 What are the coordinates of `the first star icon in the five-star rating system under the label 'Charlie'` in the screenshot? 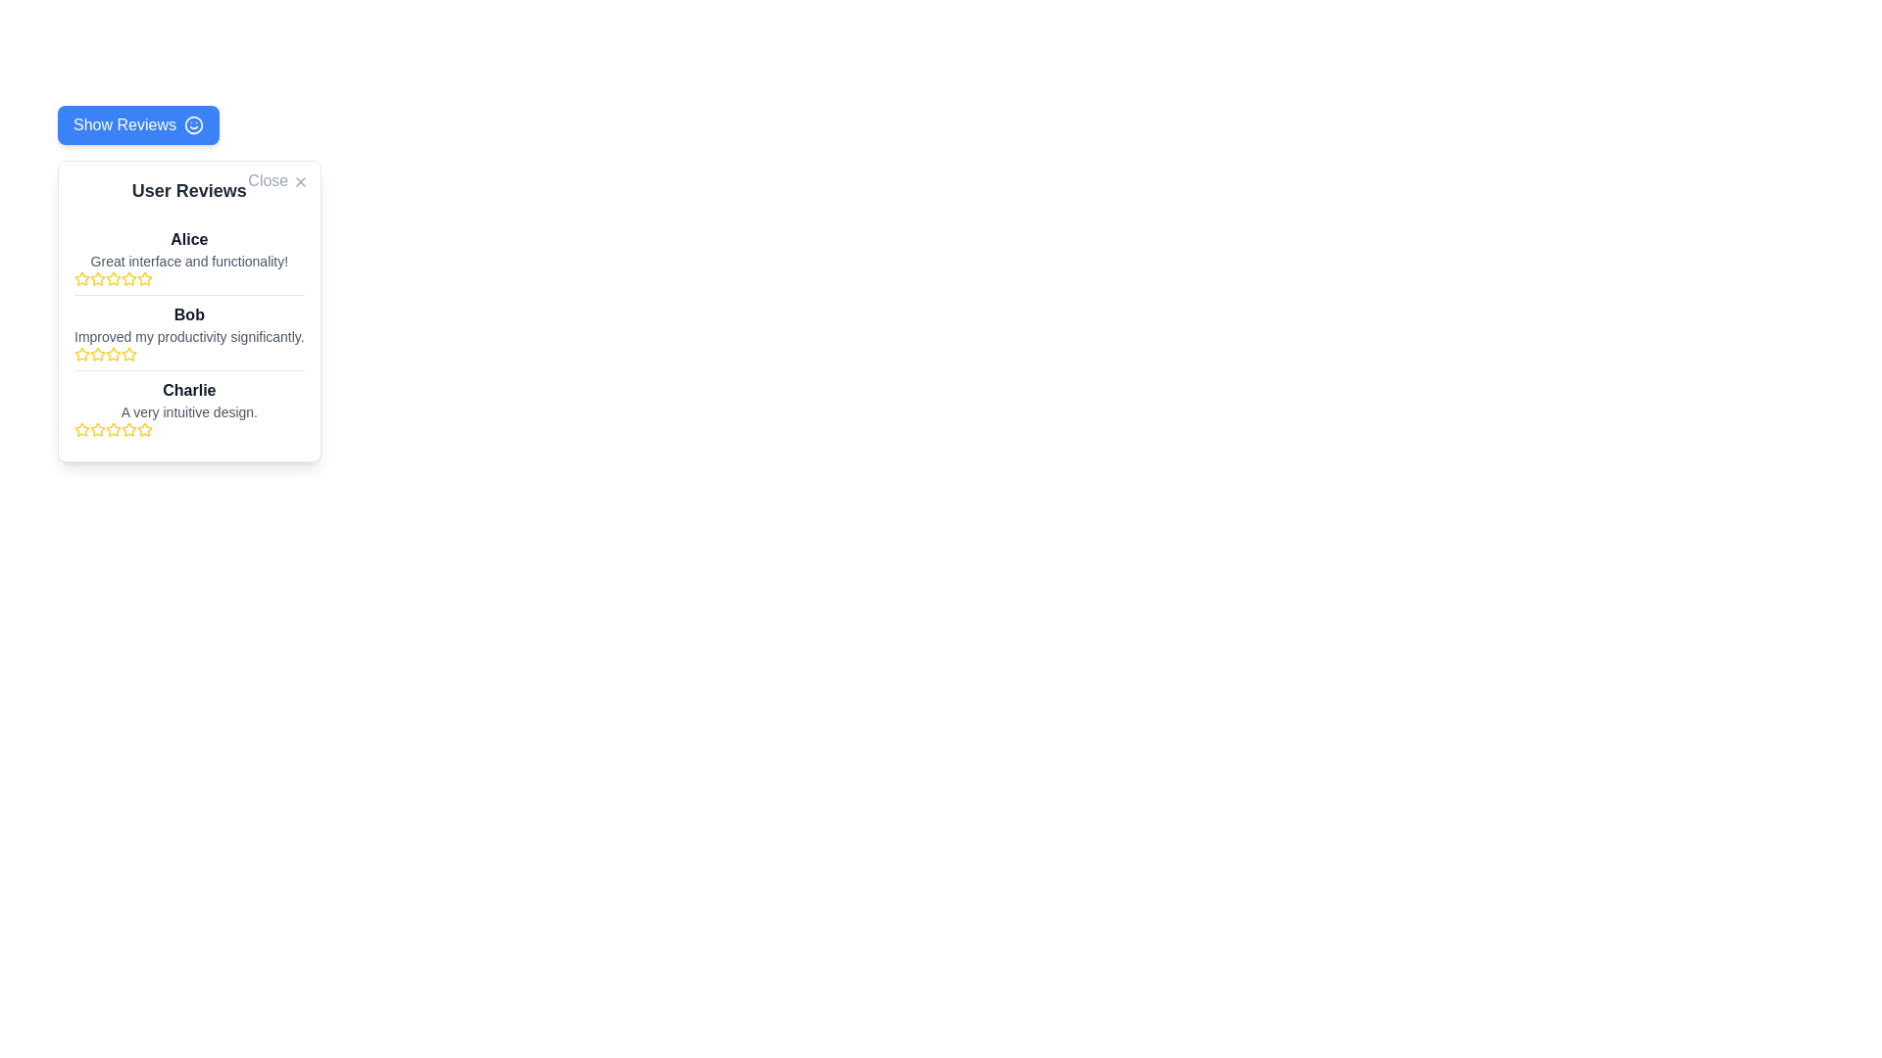 It's located at (97, 428).